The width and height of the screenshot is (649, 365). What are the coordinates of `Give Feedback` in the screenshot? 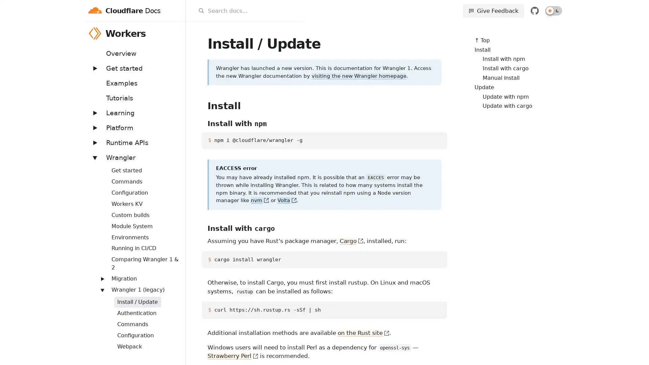 It's located at (493, 10).